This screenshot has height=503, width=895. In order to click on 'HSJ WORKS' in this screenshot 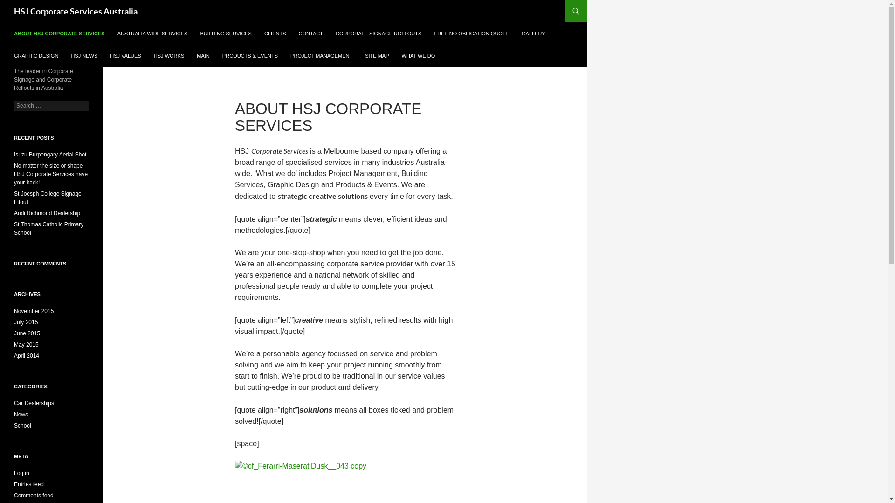, I will do `click(147, 55)`.